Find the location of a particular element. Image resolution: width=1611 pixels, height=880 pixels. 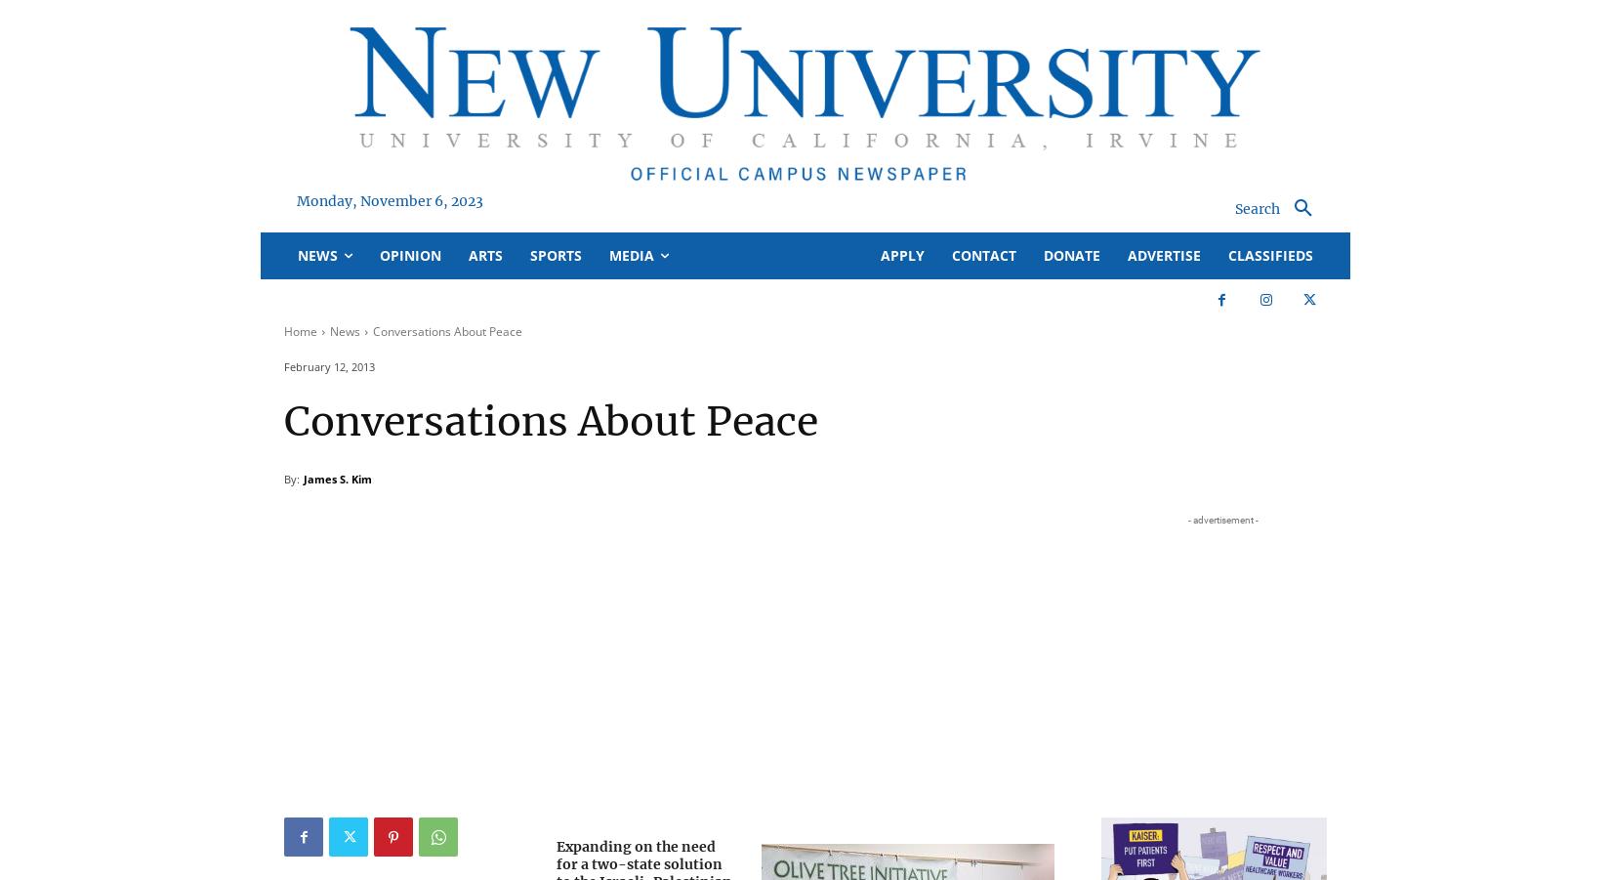

'Arts' is located at coordinates (484, 254).